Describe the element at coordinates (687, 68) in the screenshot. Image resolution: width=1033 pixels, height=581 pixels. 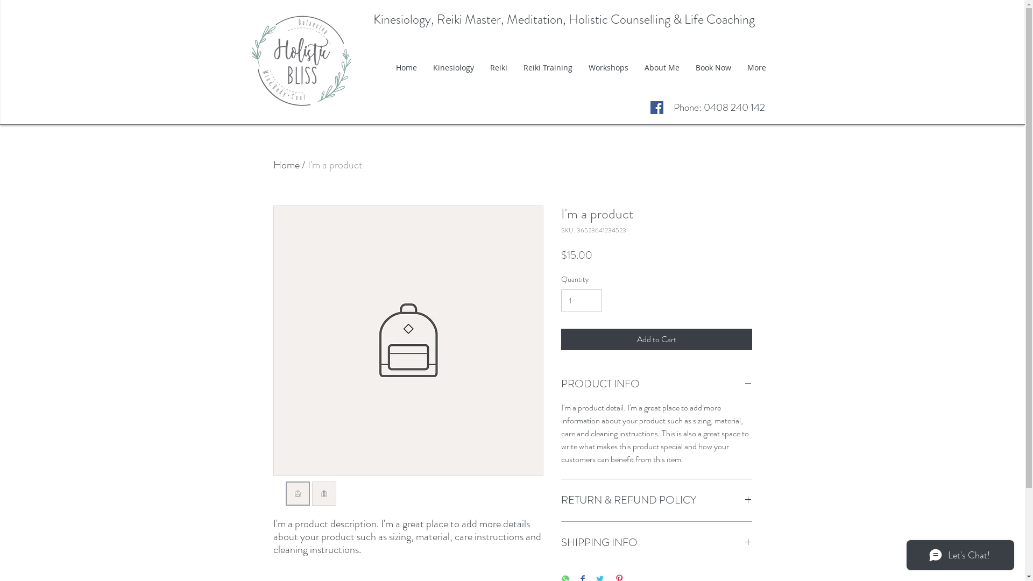
I see `'Book Now'` at that location.